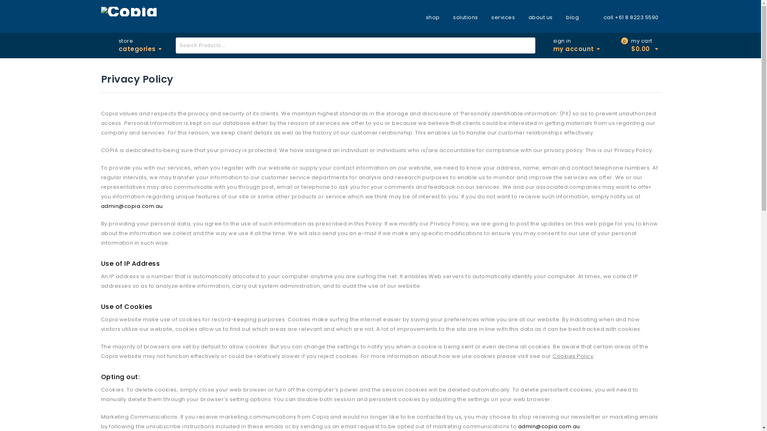 This screenshot has width=767, height=431. What do you see at coordinates (548, 426) in the screenshot?
I see `'admin@copia.com.au'` at bounding box center [548, 426].